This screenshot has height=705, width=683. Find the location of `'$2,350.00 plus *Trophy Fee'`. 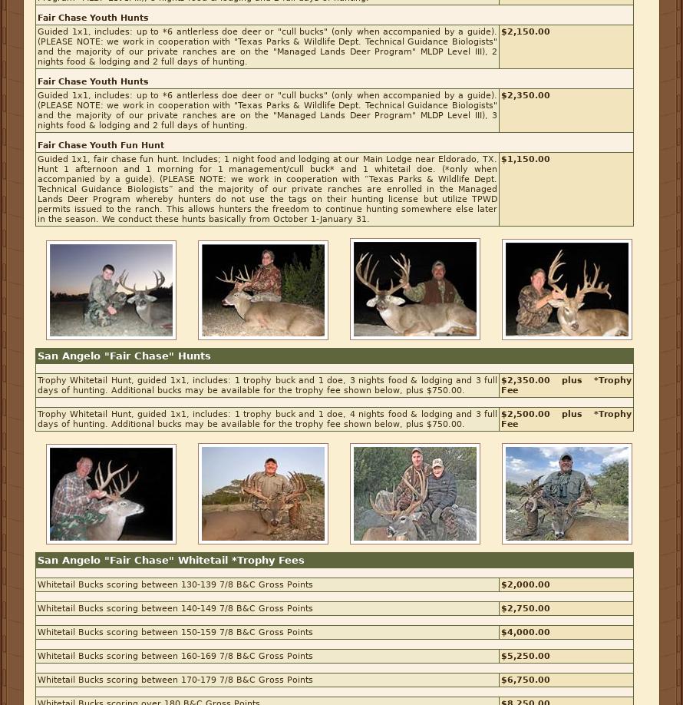

'$2,350.00 plus *Trophy Fee' is located at coordinates (565, 385).